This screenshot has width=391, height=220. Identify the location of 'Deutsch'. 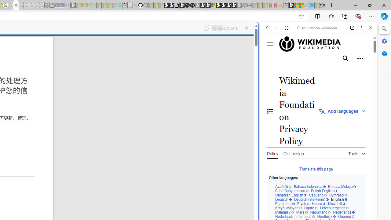
(283, 200).